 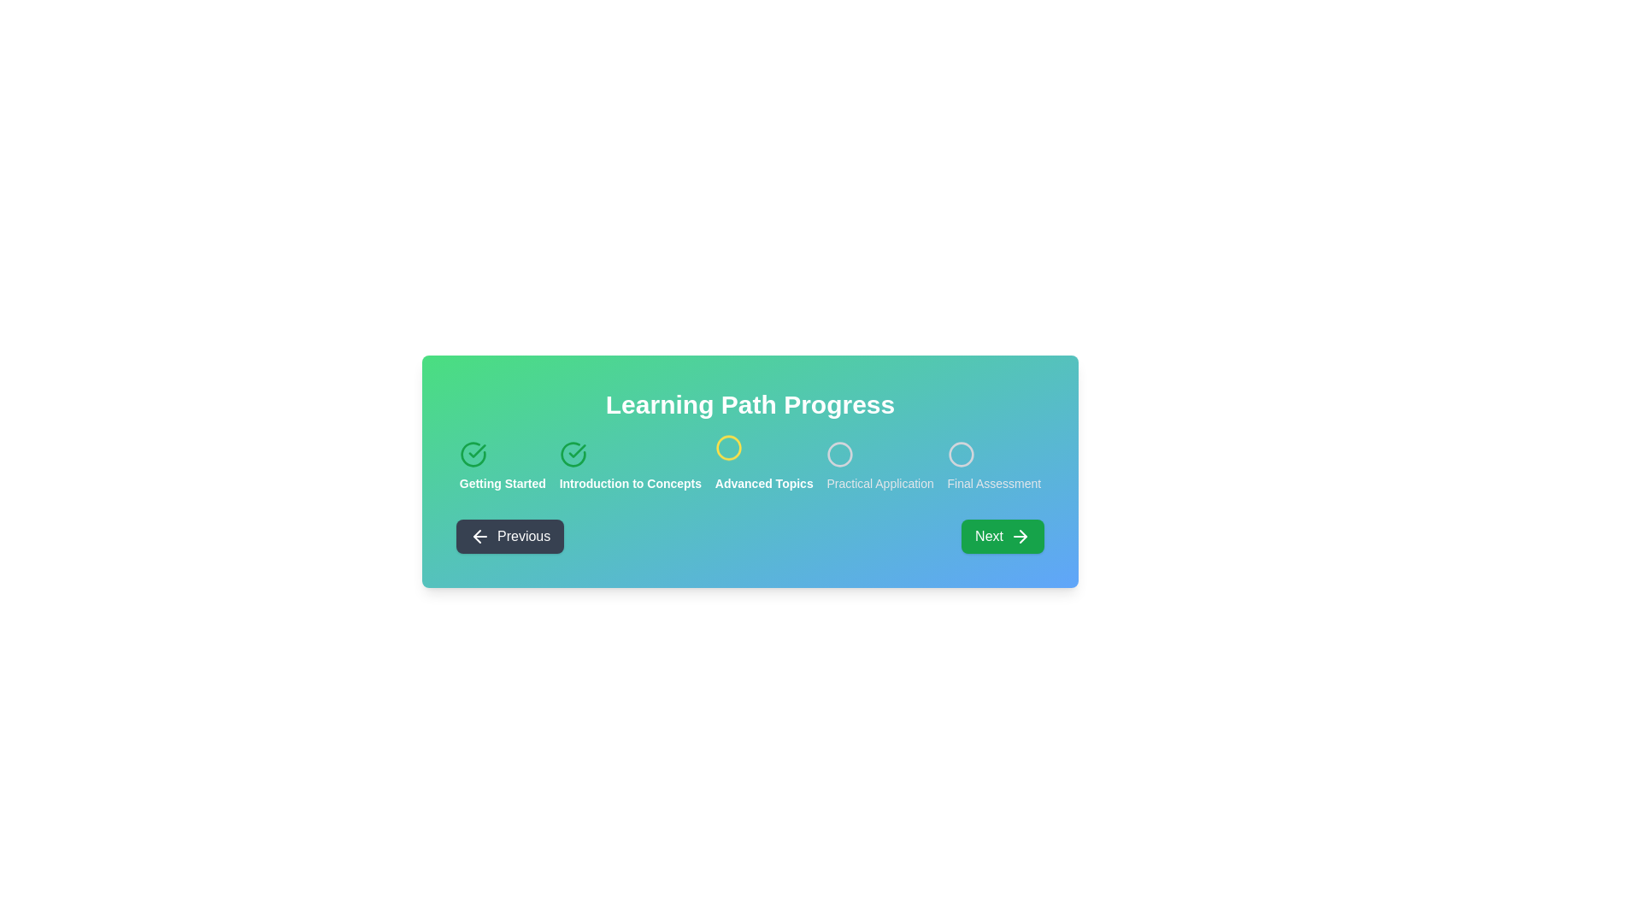 I want to click on the text label displaying 'Practical Application', which is small and gray, located within a progress indicator layout between 'Advanced Topics' and 'Final Assessment', so click(x=880, y=484).